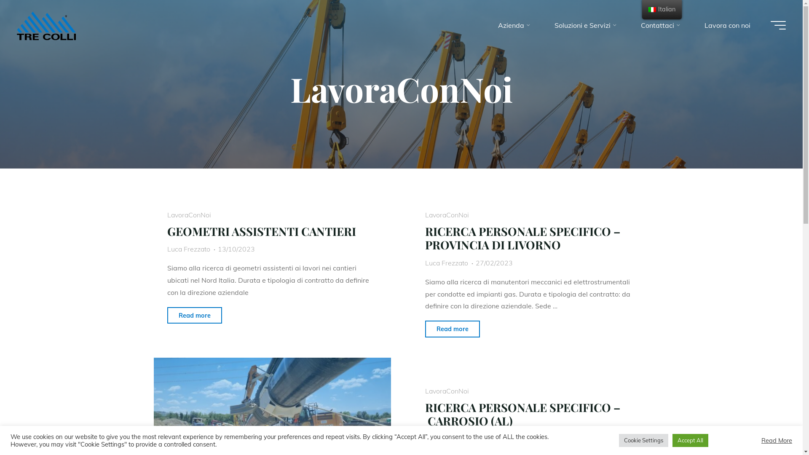 The image size is (809, 455). I want to click on 'Luca Frezzato', so click(167, 248).